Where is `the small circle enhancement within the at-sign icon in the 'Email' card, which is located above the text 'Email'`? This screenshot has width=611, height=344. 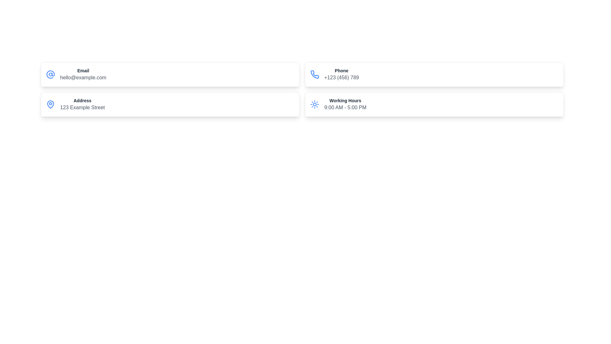 the small circle enhancement within the at-sign icon in the 'Email' card, which is located above the text 'Email' is located at coordinates (50, 74).